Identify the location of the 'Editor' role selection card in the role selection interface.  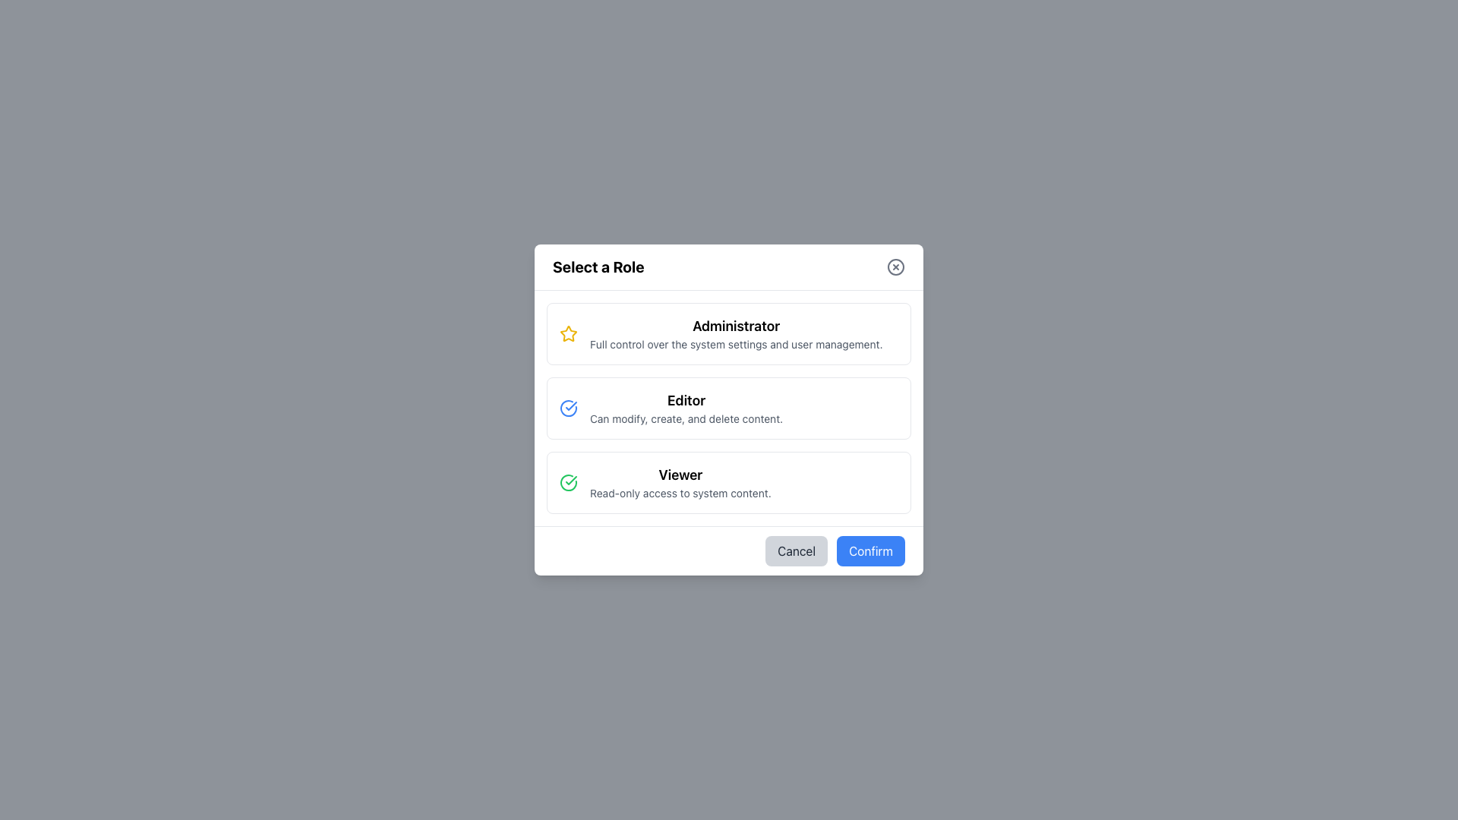
(729, 407).